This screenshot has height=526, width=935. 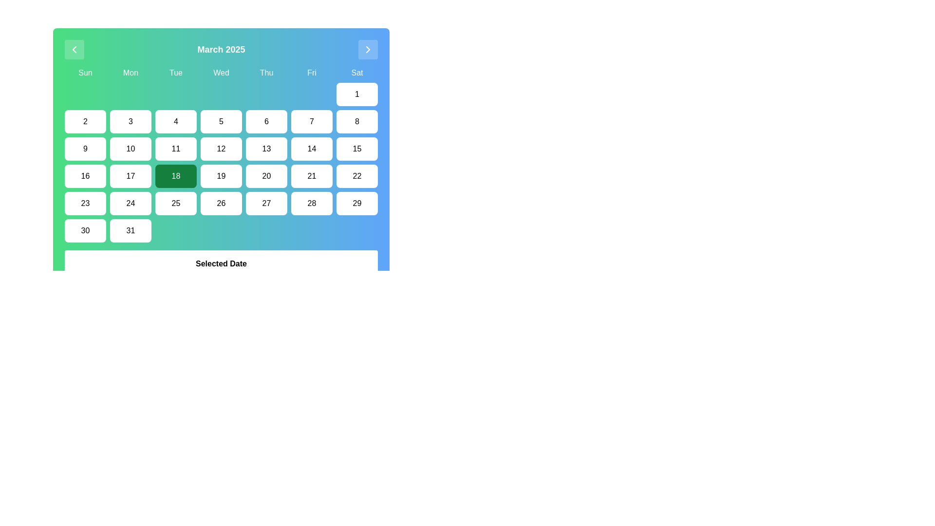 I want to click on the Calendar Grid for March 2025, which is located beneath the title 'March 2025' and above the text 'Selected Date', by clicking on it to access adjacent navigation controls, so click(x=221, y=154).